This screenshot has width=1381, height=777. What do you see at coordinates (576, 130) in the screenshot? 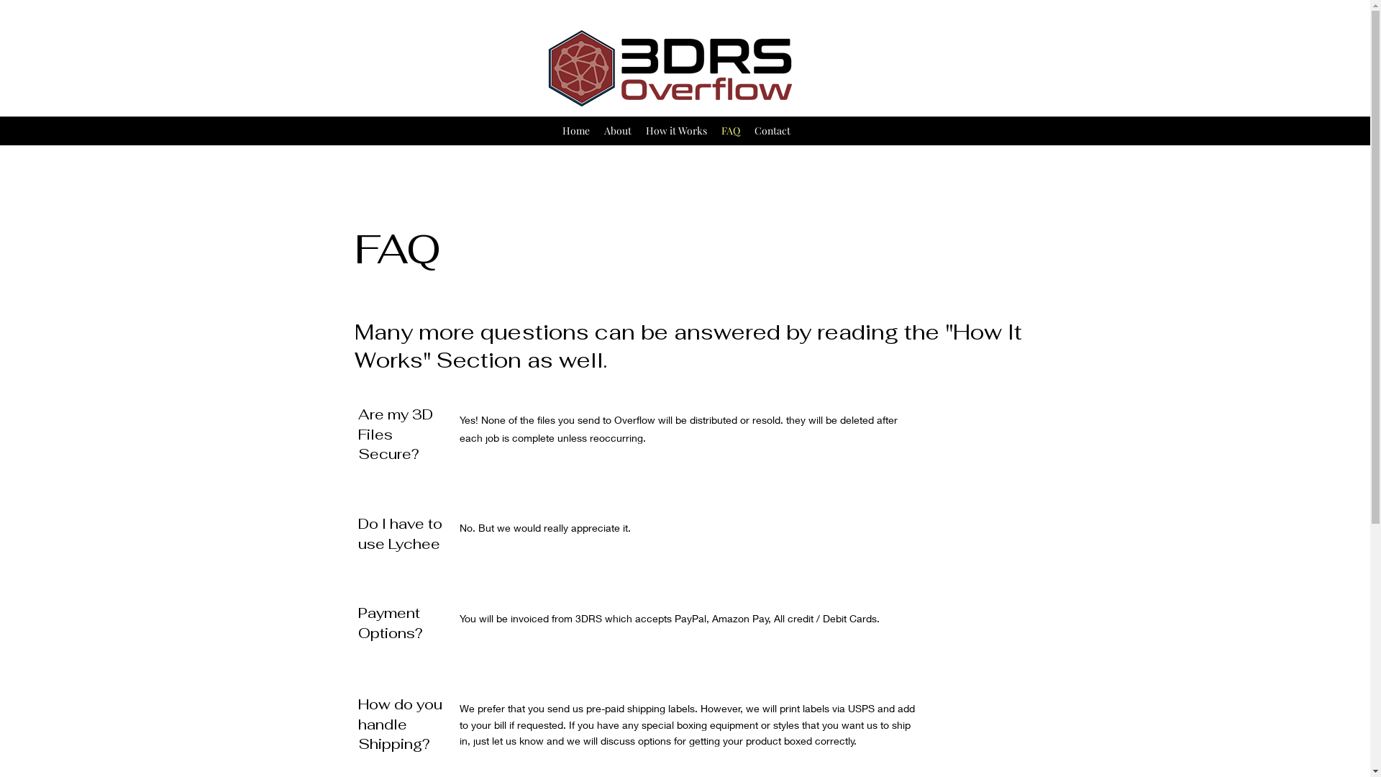
I see `'Home'` at bounding box center [576, 130].